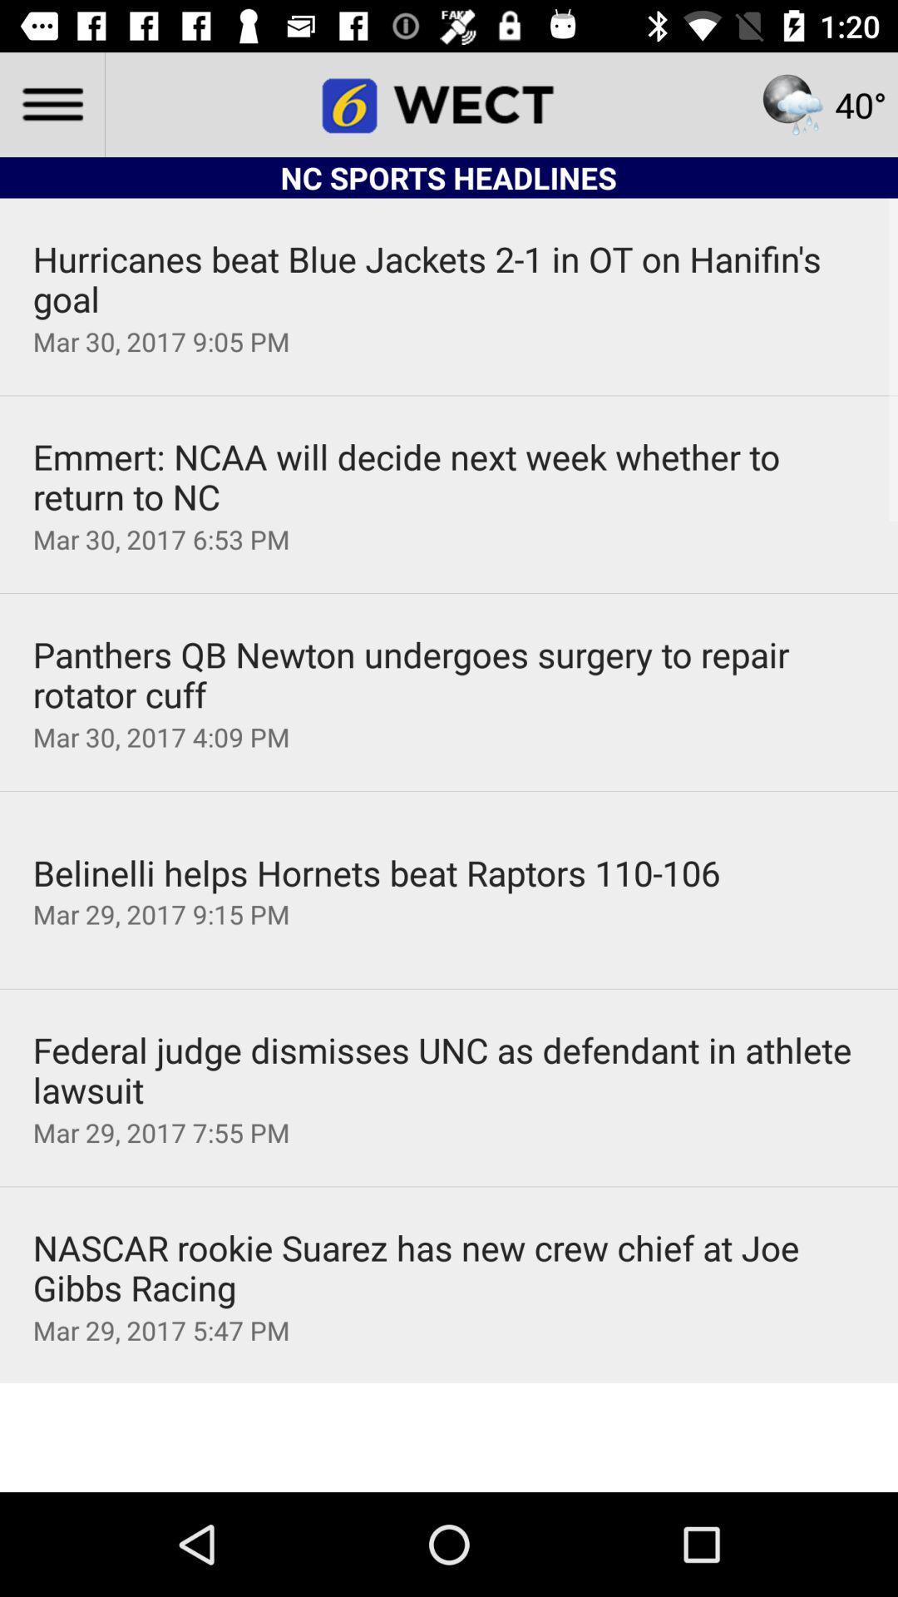 Image resolution: width=898 pixels, height=1597 pixels. What do you see at coordinates (51, 103) in the screenshot?
I see `the menu icon` at bounding box center [51, 103].